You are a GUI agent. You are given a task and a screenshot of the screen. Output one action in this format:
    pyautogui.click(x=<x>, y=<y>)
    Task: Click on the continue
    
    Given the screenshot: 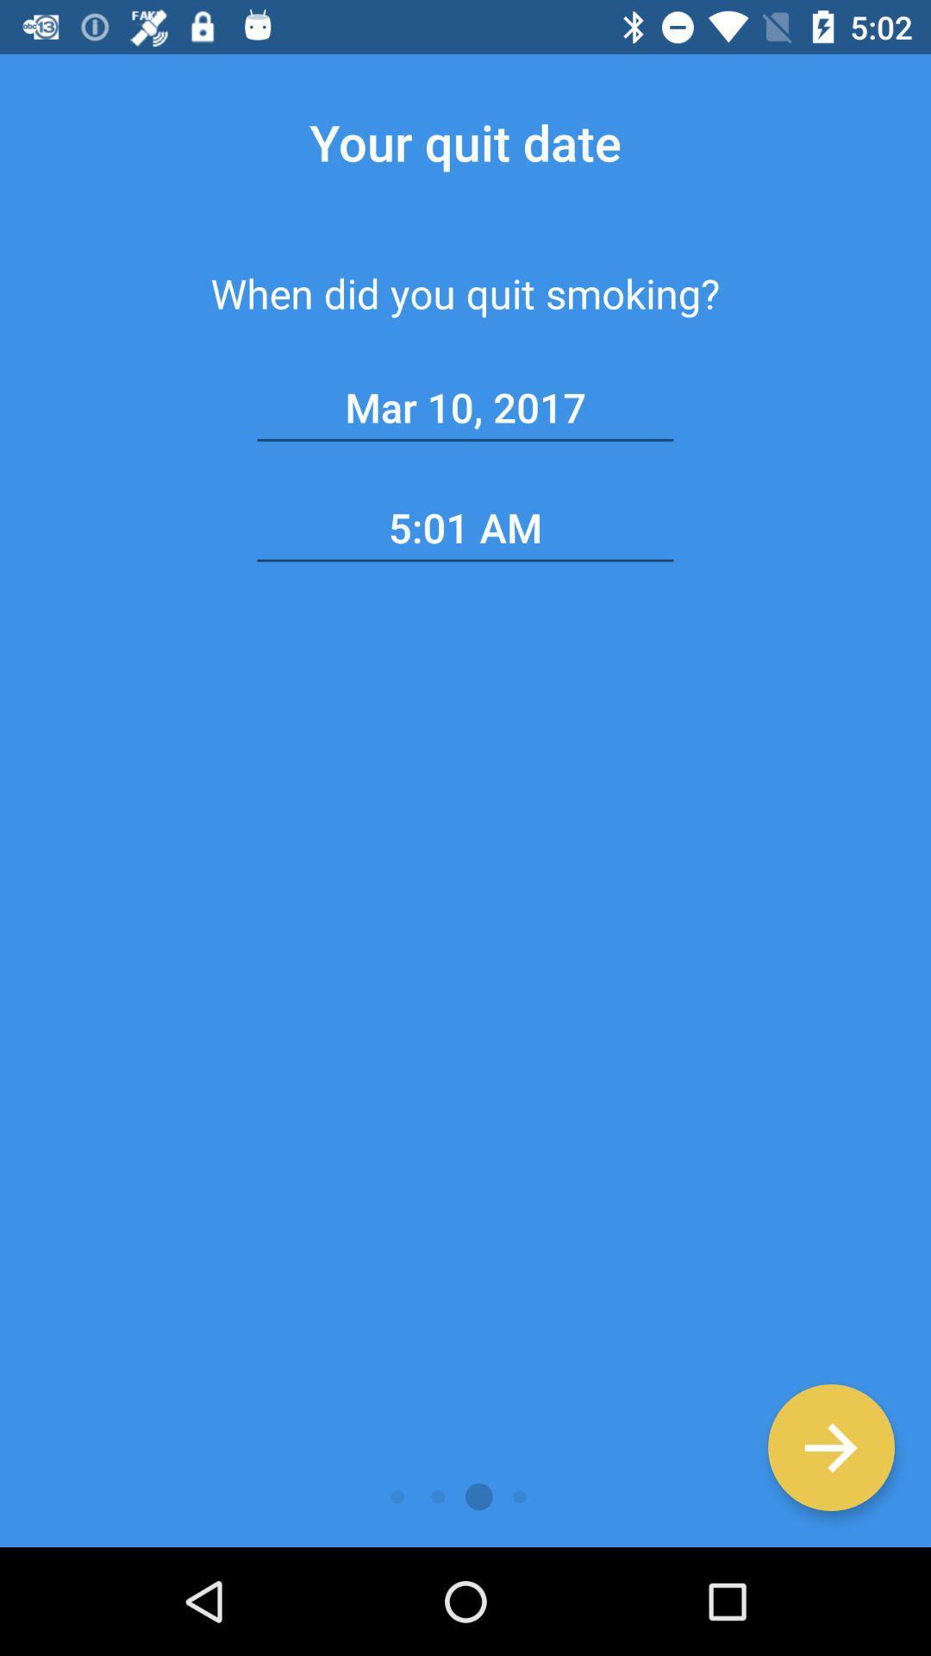 What is the action you would take?
    pyautogui.click(x=830, y=1447)
    